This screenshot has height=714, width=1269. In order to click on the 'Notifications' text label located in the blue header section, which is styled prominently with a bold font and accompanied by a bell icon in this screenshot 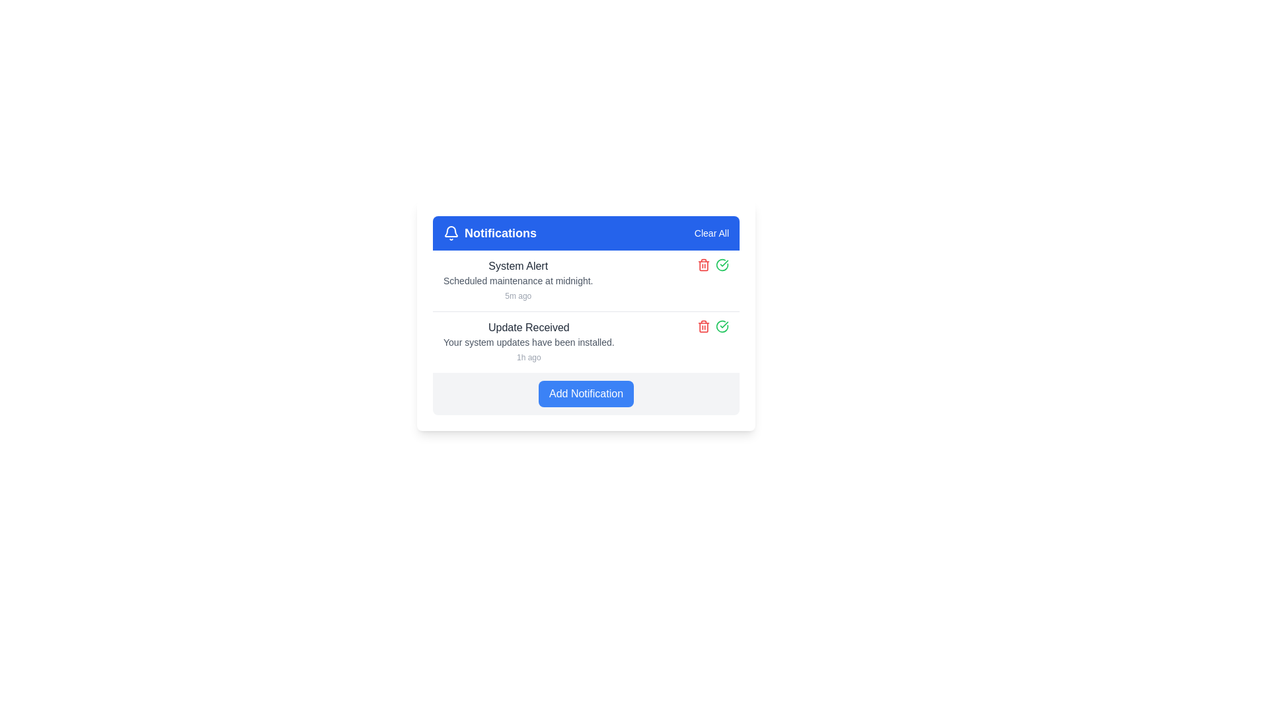, I will do `click(489, 233)`.